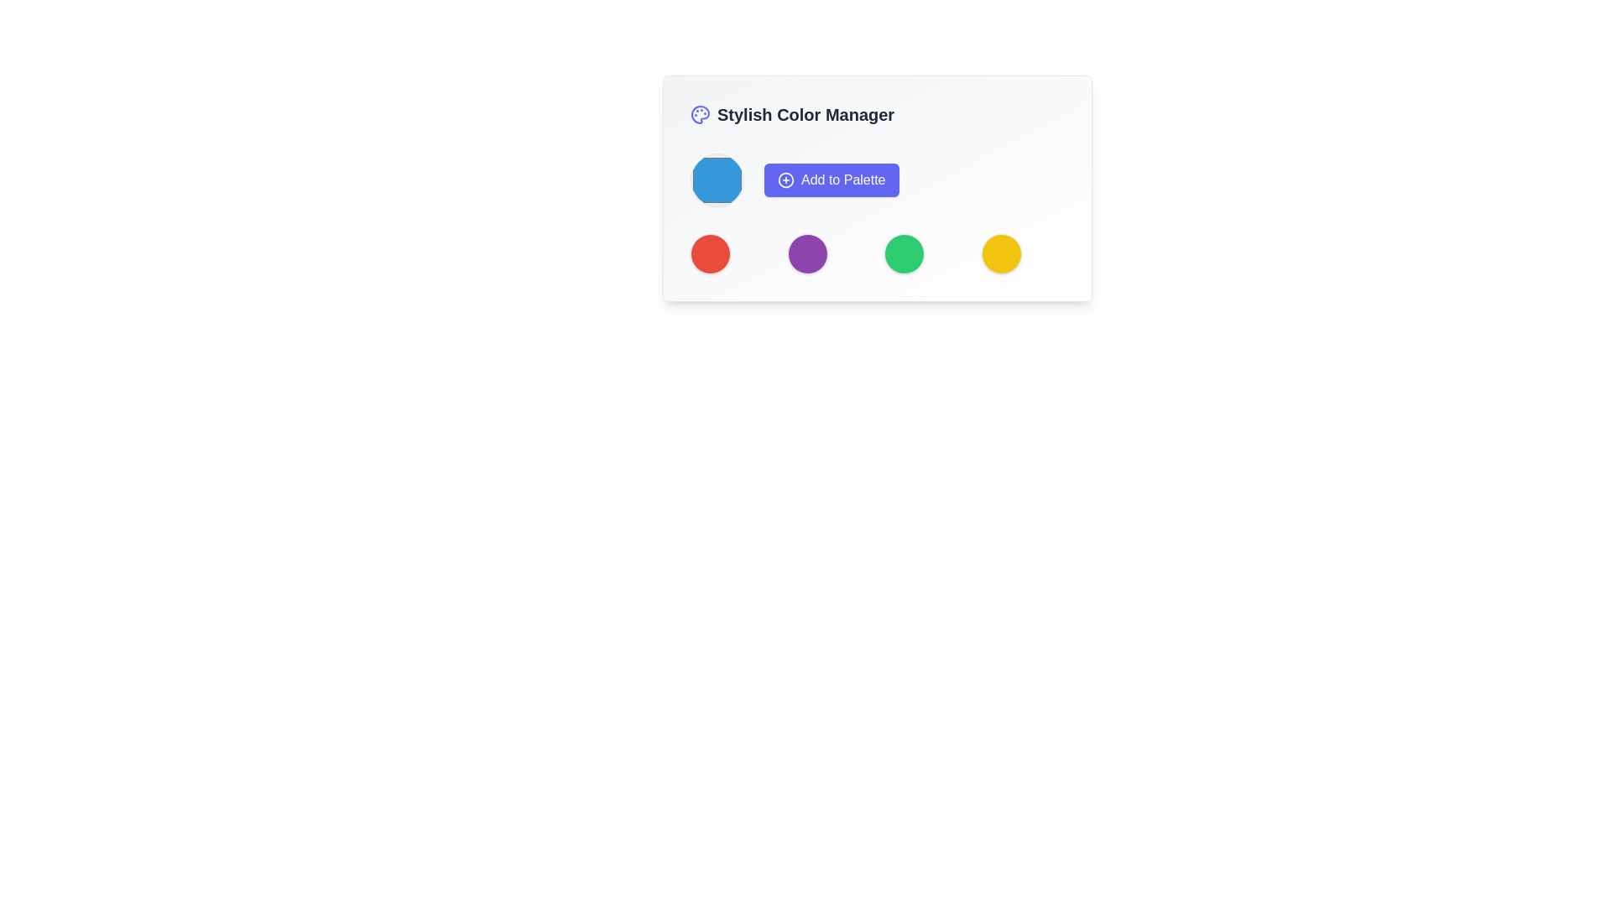  Describe the element at coordinates (785, 180) in the screenshot. I see `the circular '+' icon within the 'Add to Palette' button, which has a blue outline and background` at that location.